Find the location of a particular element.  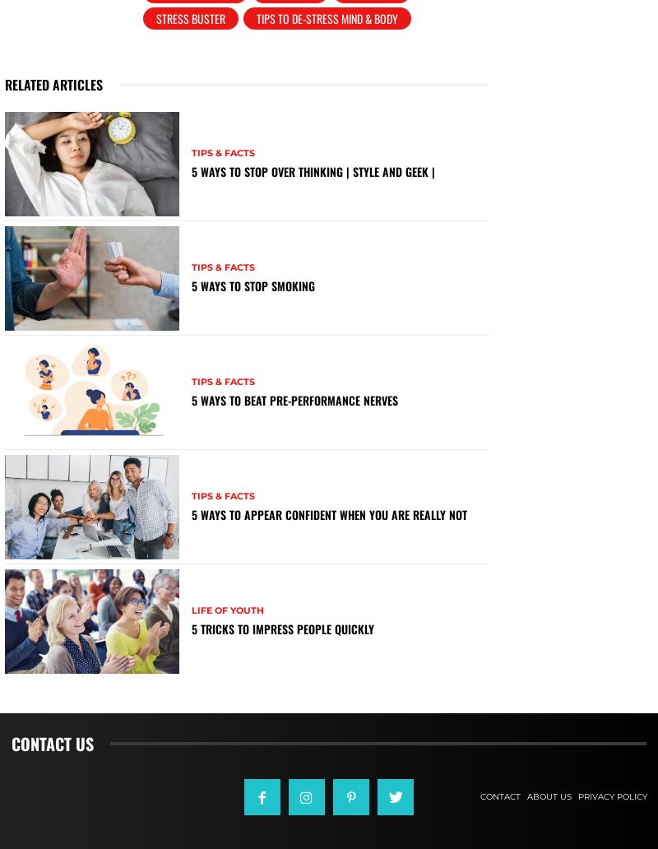

'Contact' is located at coordinates (499, 796).